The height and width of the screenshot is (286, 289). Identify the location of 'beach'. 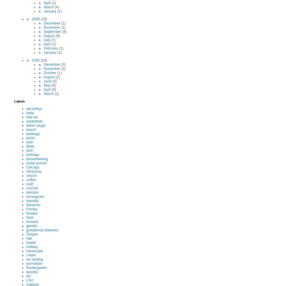
(31, 129).